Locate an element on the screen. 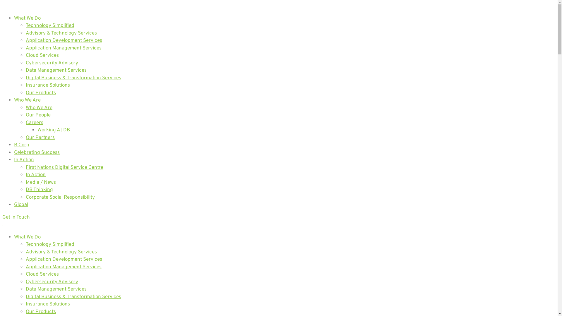 This screenshot has height=316, width=562. 'Global' is located at coordinates (21, 204).